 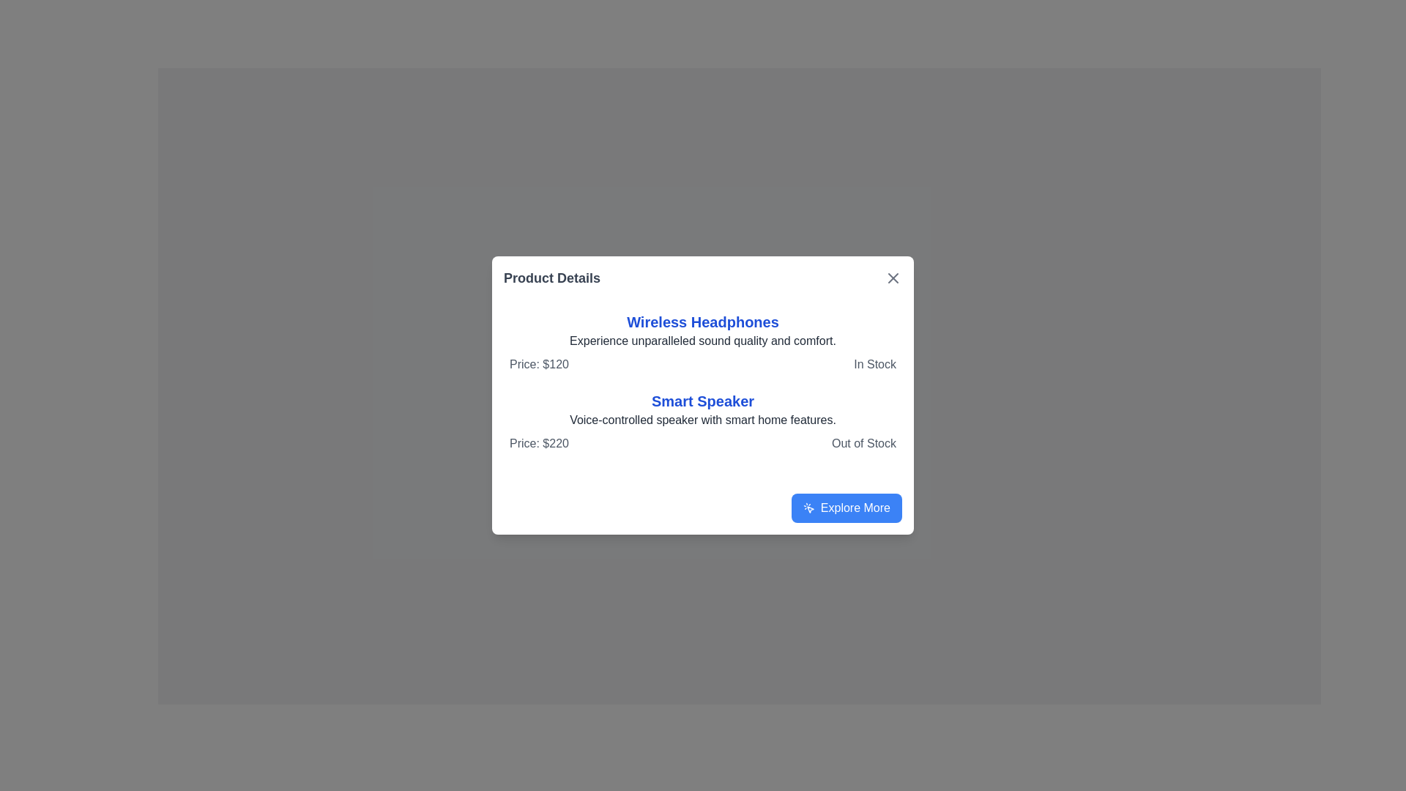 I want to click on the Informational block for the product 'Wireless Headphones' in the 'Product Details' modal, which includes a blue bold heading, descriptive text, price, and stock status, so click(x=703, y=342).